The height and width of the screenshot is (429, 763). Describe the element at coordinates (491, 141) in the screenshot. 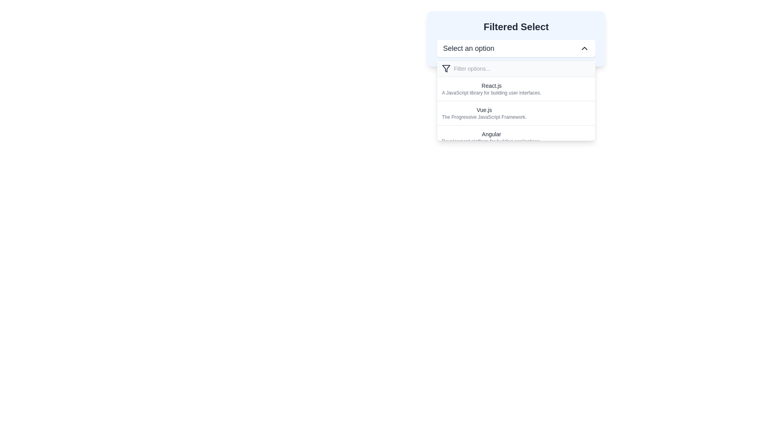

I see `static text that provides a description for the 'Angular' item in the dropdown menu, positioned directly underneath it` at that location.